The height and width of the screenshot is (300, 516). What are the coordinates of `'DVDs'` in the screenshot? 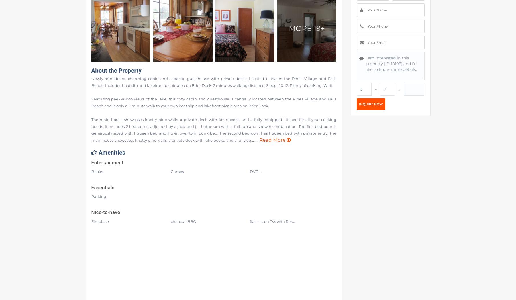 It's located at (255, 171).